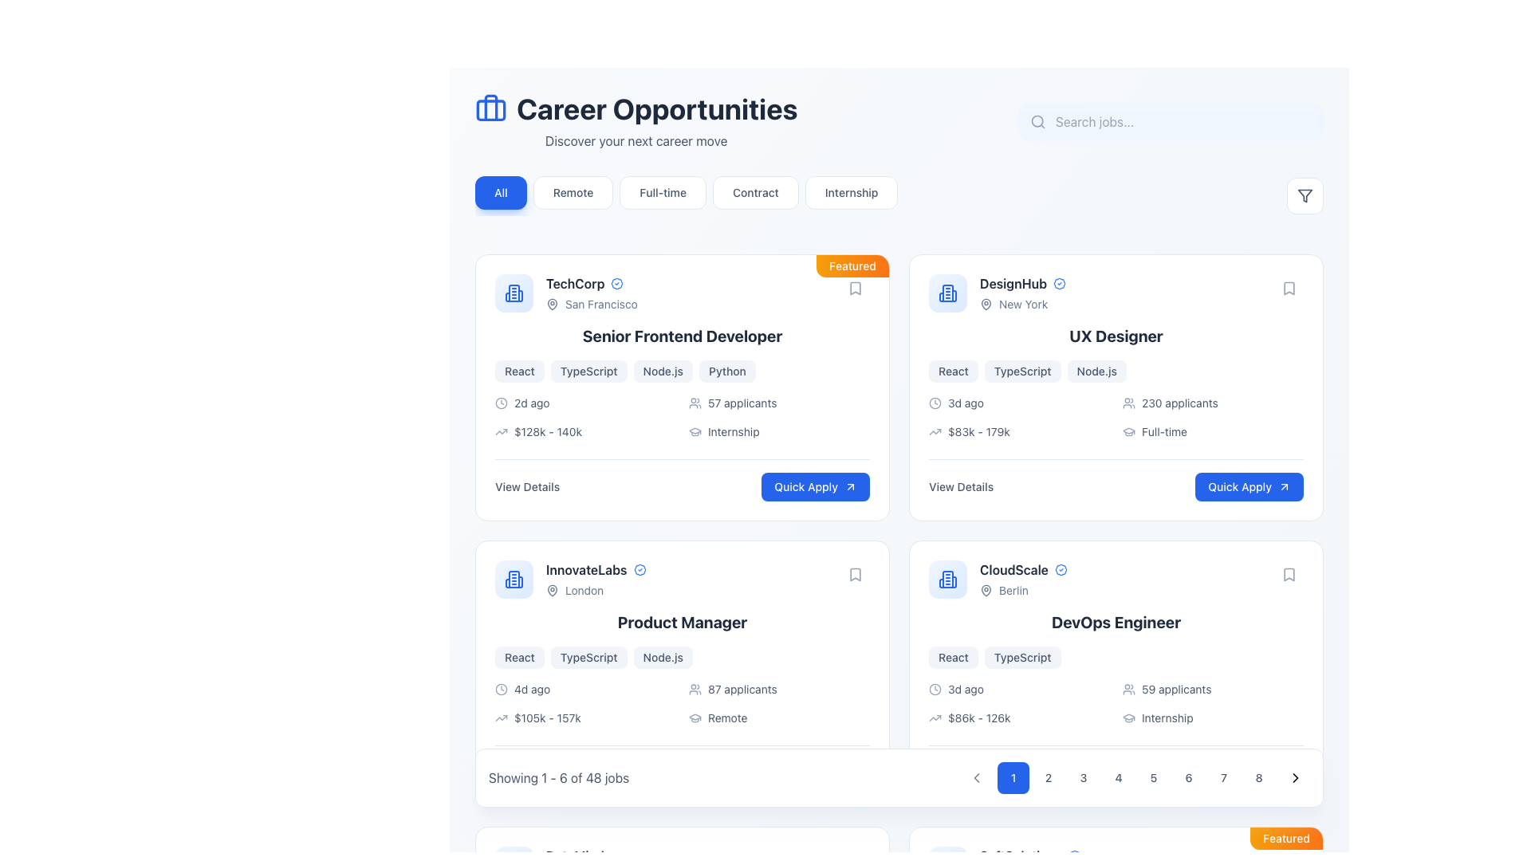 The height and width of the screenshot is (861, 1531). What do you see at coordinates (986, 304) in the screenshot?
I see `the small location pin icon located to the left of the text 'New York' within the DesignHub card on the second column of the job postings grid` at bounding box center [986, 304].